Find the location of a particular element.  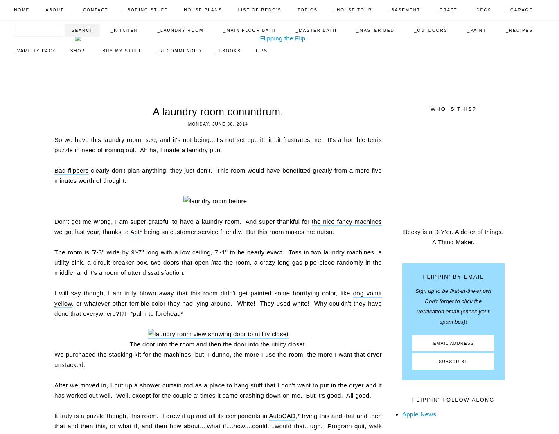

'_Laundry Room' is located at coordinates (180, 30).